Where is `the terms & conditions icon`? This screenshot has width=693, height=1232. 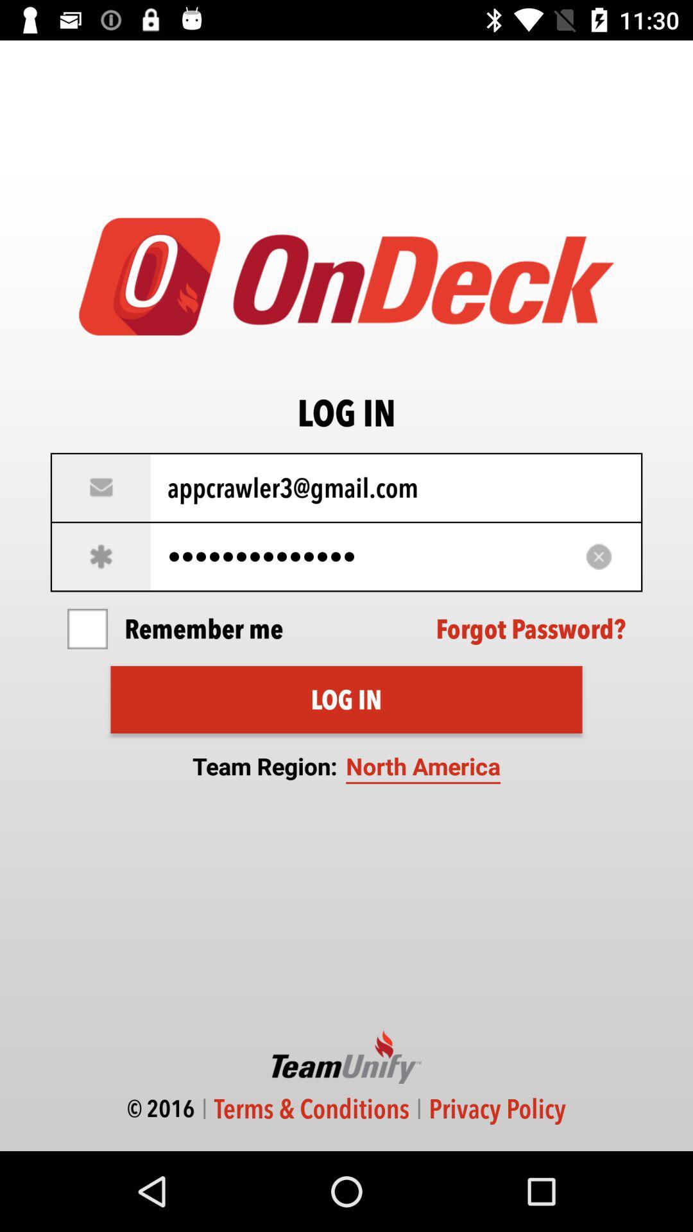 the terms & conditions icon is located at coordinates (312, 1108).